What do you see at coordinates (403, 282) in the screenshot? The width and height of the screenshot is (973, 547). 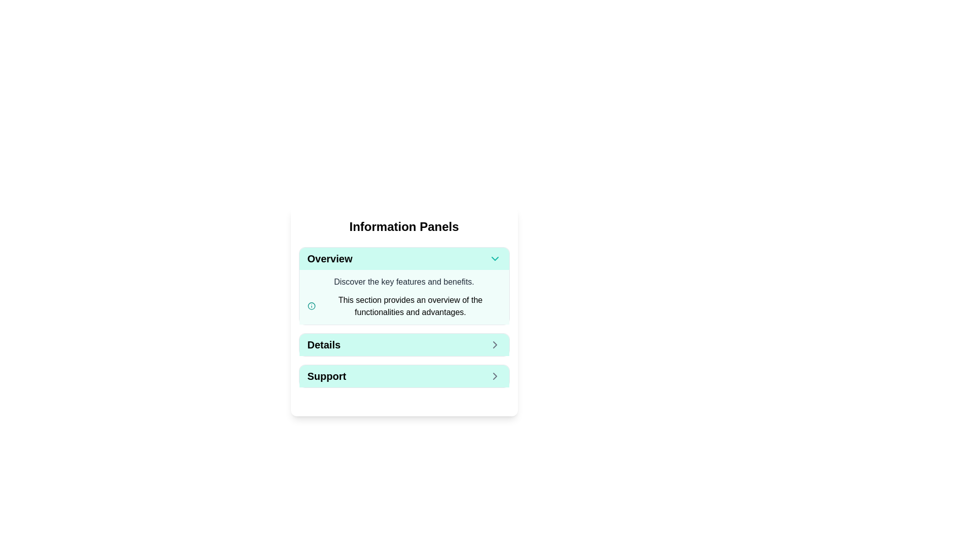 I see `the static text element that reads 'Discover the key features and benefits.' which is styled with a dark gray color on a light green background, located in the 'Overview' section of the 'Information Panels' interface` at bounding box center [403, 282].